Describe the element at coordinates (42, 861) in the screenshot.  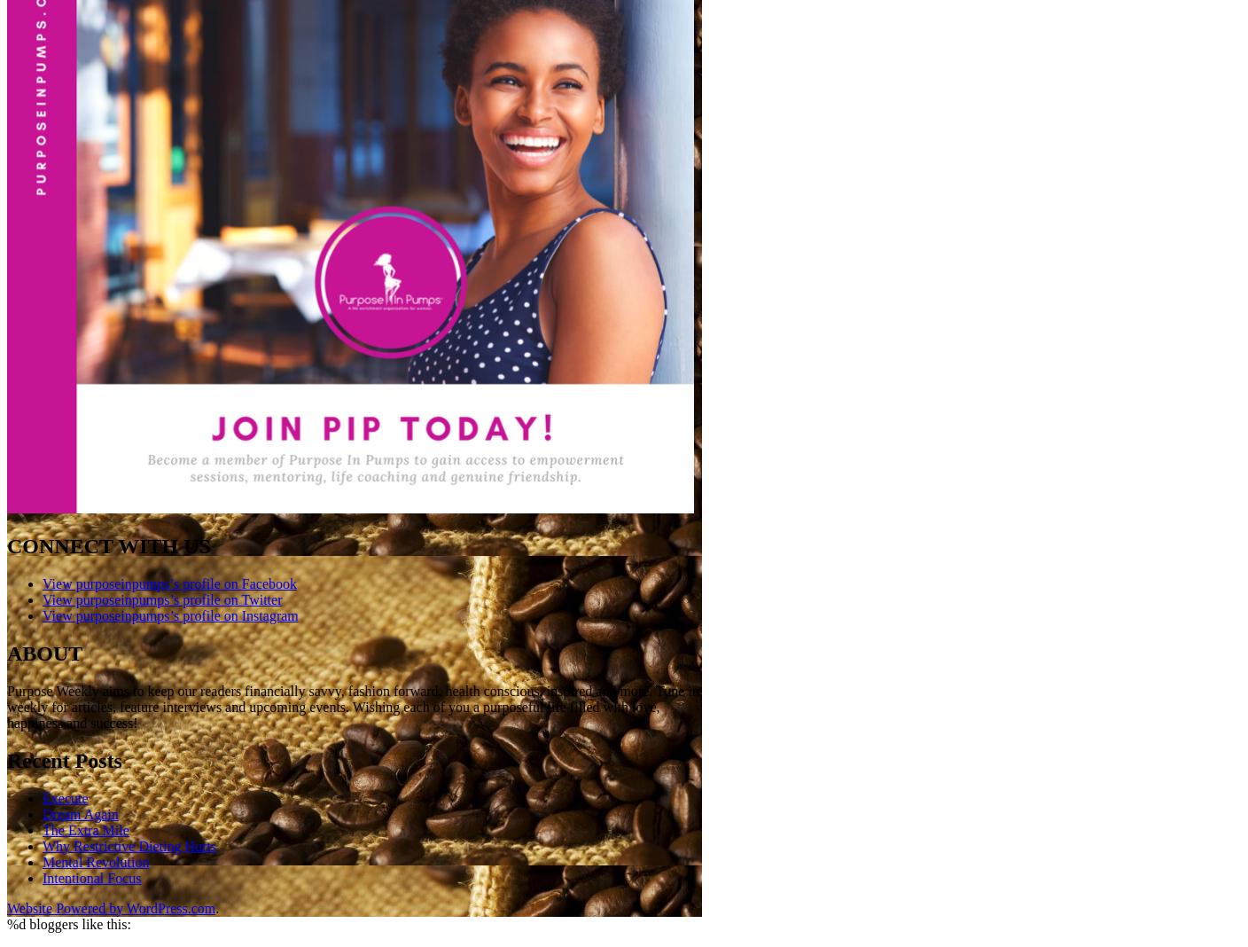
I see `'Mental Revolution'` at that location.